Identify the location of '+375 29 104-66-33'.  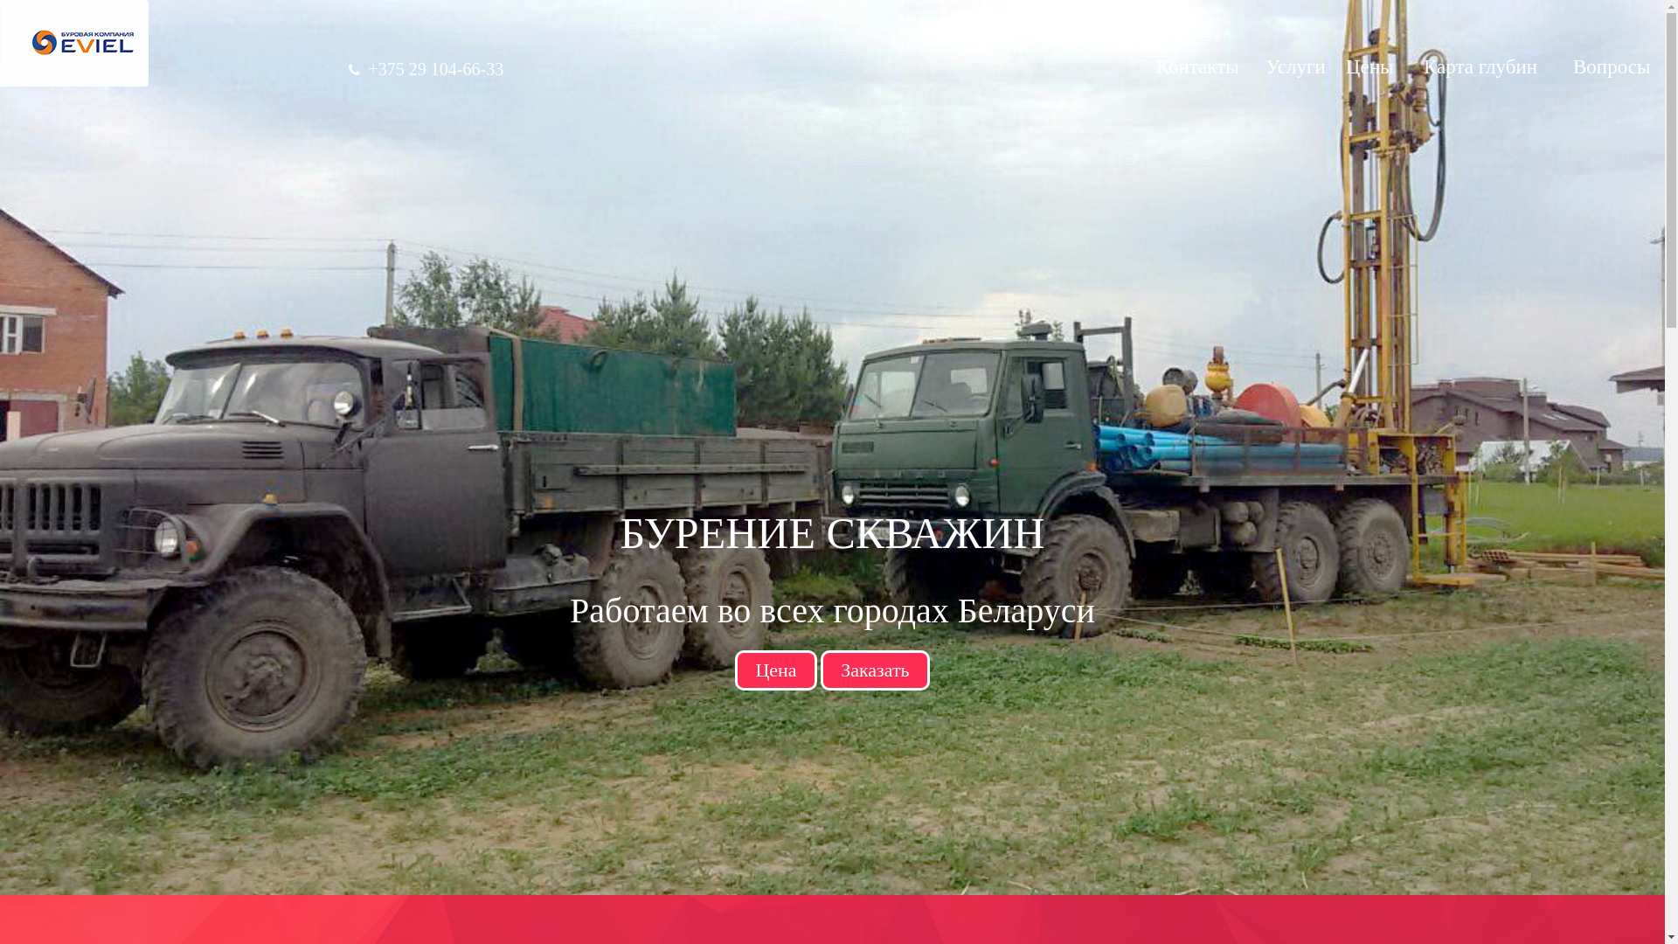
(436, 67).